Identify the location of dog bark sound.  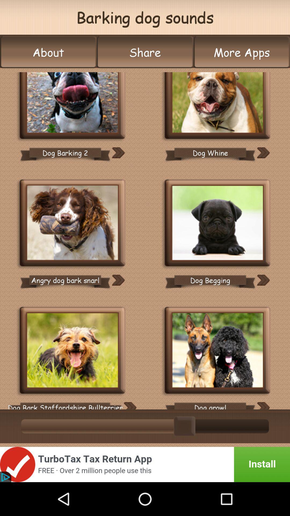
(73, 351).